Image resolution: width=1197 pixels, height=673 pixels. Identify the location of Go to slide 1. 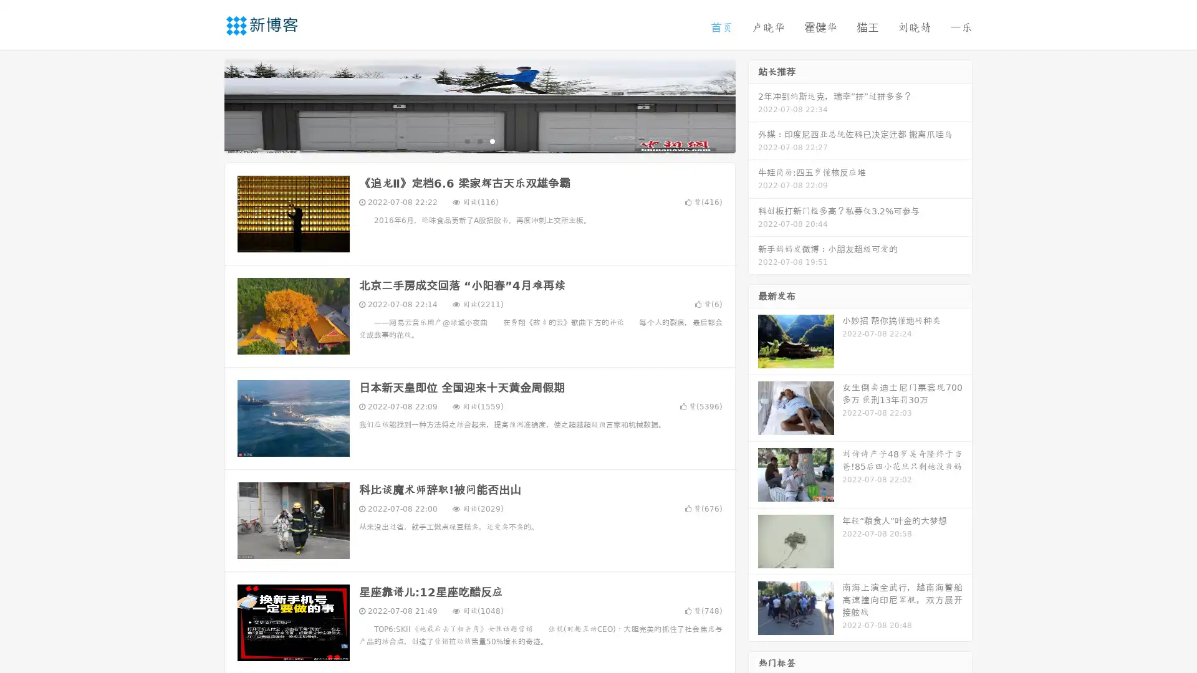
(466, 140).